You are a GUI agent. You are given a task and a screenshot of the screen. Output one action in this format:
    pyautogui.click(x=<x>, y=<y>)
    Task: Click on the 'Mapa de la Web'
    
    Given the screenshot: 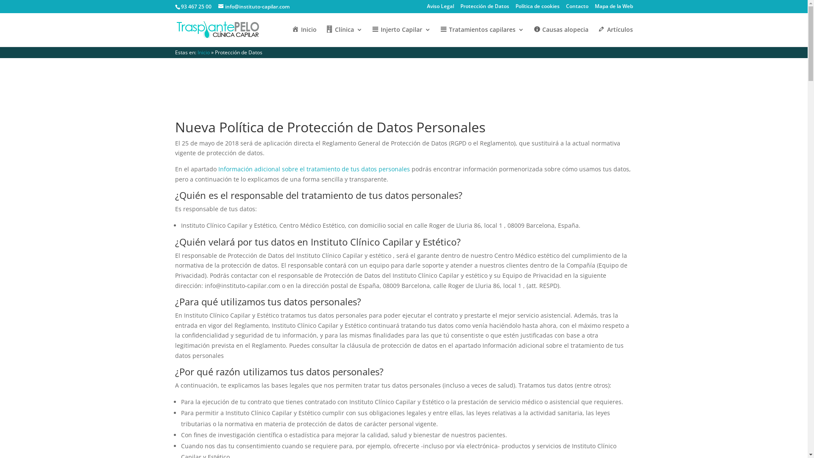 What is the action you would take?
    pyautogui.click(x=613, y=8)
    